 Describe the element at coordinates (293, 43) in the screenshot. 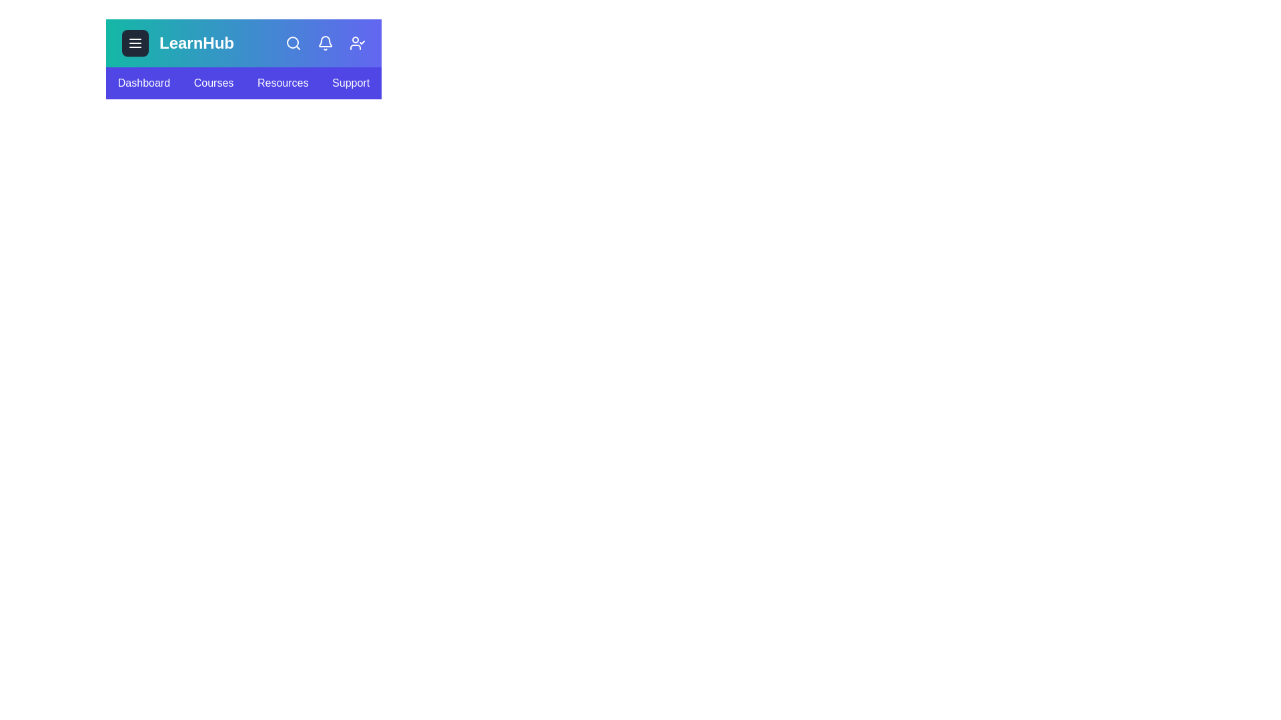

I see `the icon Search to perform its action` at that location.